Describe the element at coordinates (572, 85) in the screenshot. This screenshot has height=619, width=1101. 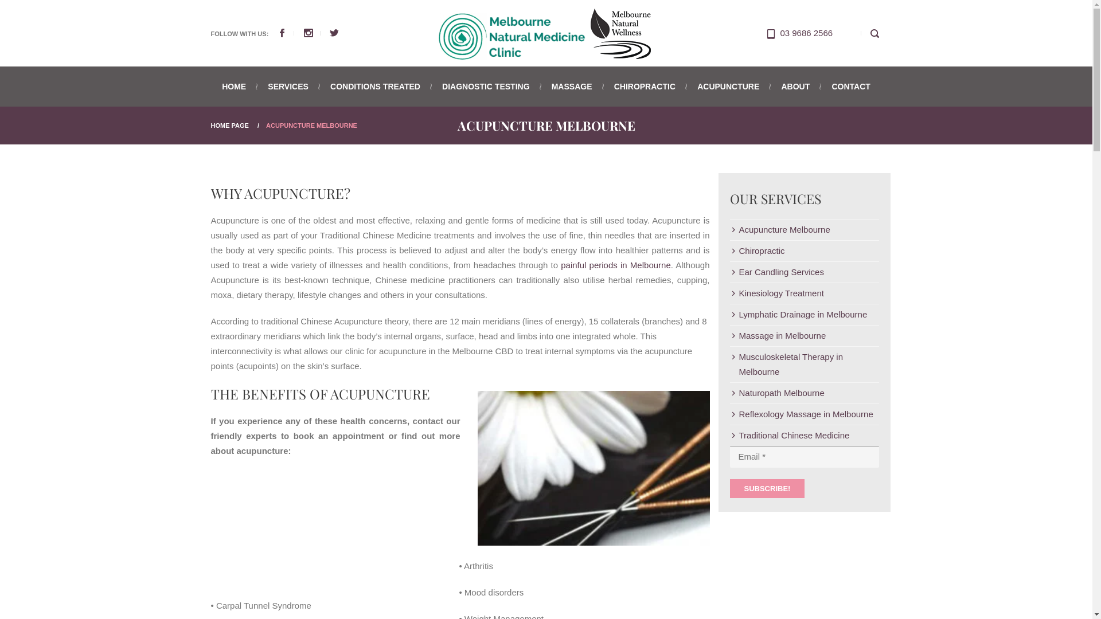
I see `'MASSAGE'` at that location.